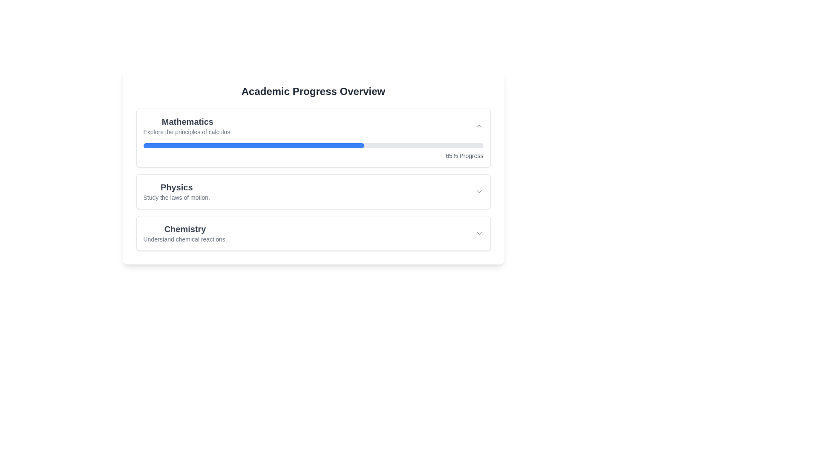 The height and width of the screenshot is (460, 818). What do you see at coordinates (479, 192) in the screenshot?
I see `the Icon button styled as a dropdown indicator located in the second card of the 'Physics' section` at bounding box center [479, 192].